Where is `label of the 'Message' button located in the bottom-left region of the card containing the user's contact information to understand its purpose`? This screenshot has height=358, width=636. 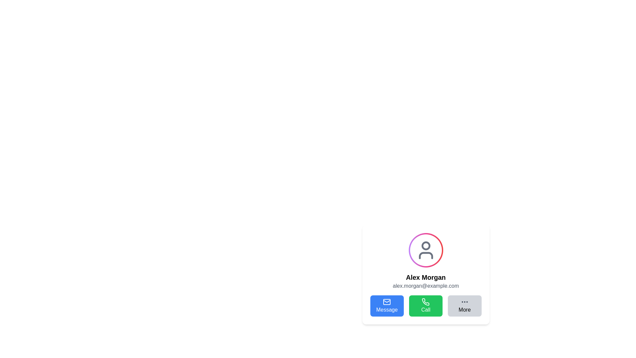 label of the 'Message' button located in the bottom-left region of the card containing the user's contact information to understand its purpose is located at coordinates (387, 310).